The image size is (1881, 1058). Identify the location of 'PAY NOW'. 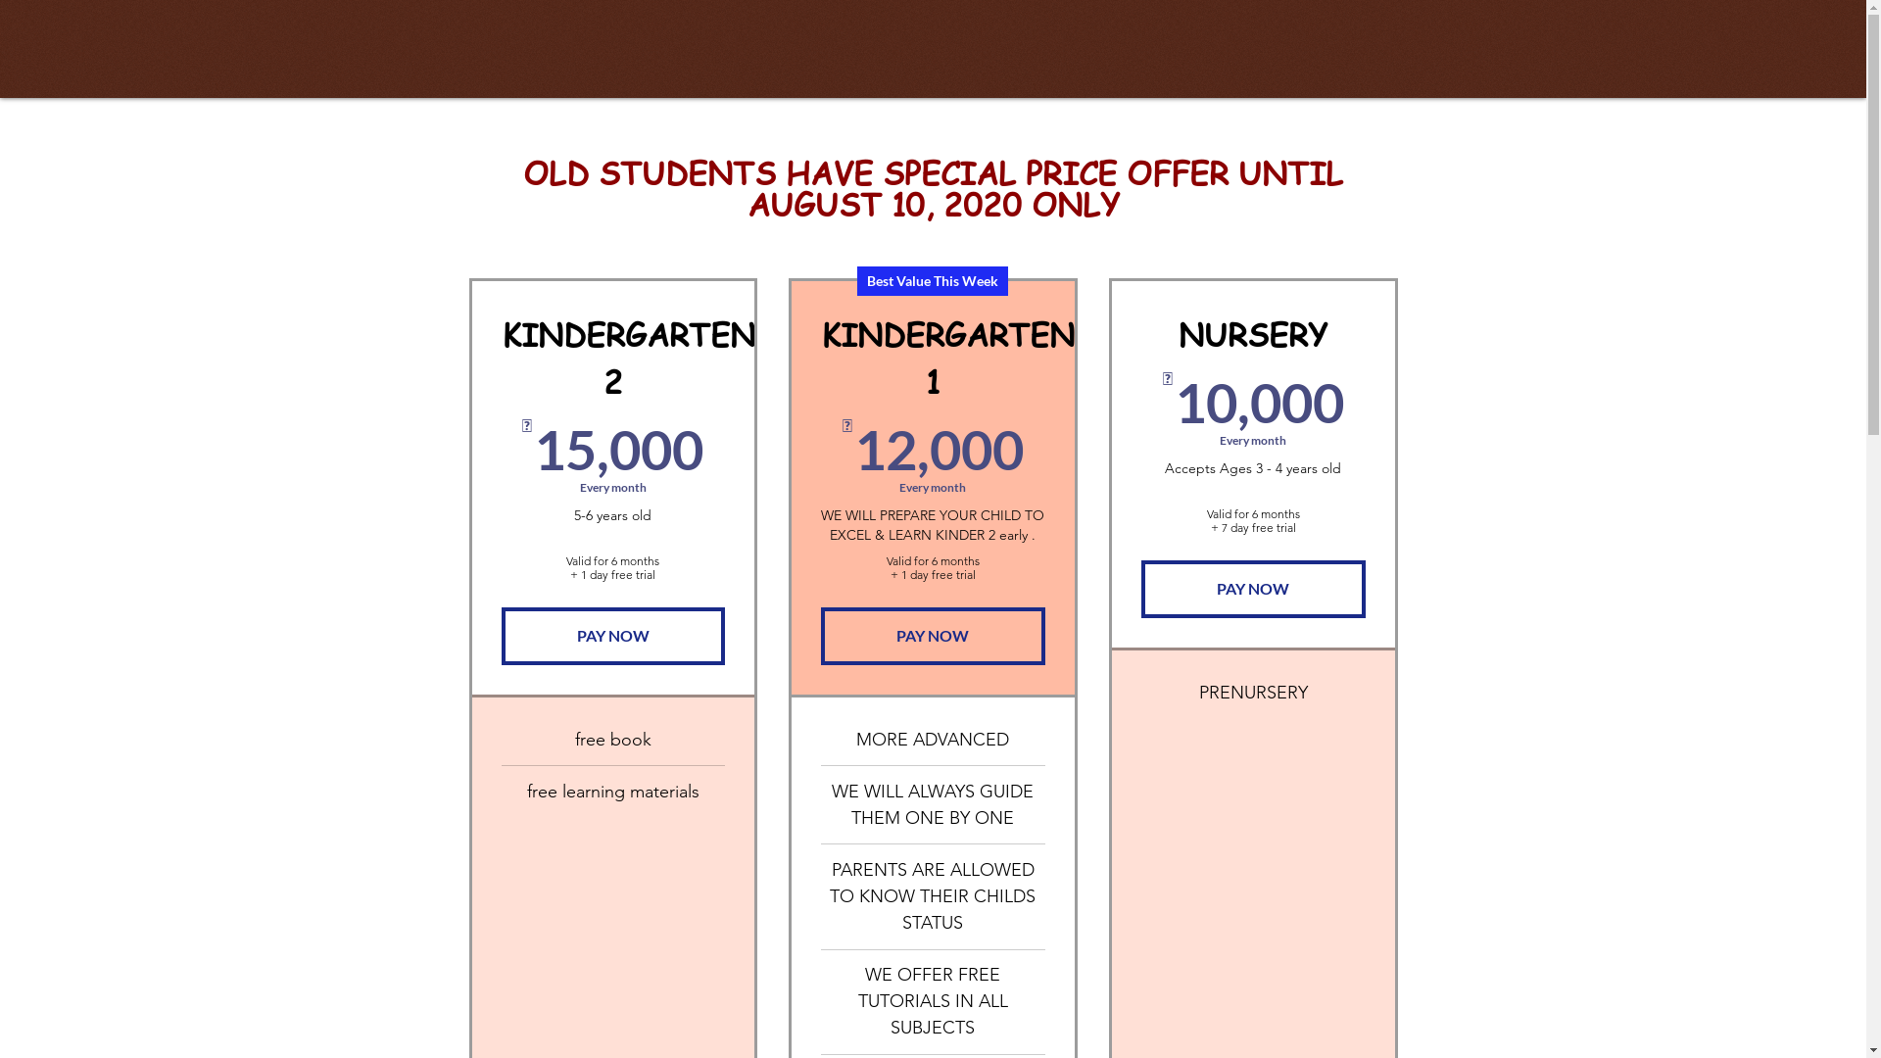
(1252, 588).